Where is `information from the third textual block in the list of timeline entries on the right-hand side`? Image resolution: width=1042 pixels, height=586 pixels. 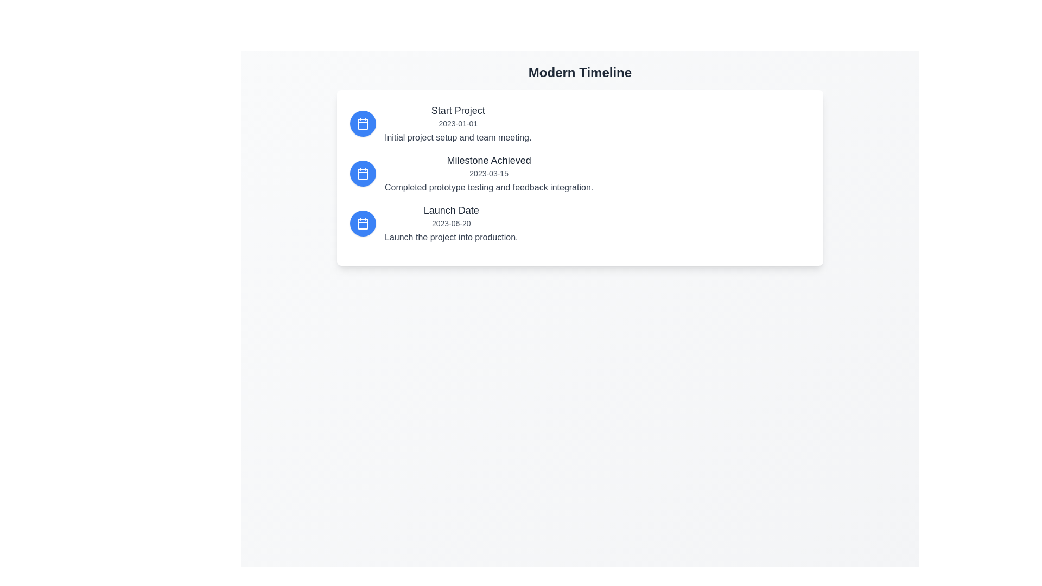 information from the third textual block in the list of timeline entries on the right-hand side is located at coordinates (451, 223).